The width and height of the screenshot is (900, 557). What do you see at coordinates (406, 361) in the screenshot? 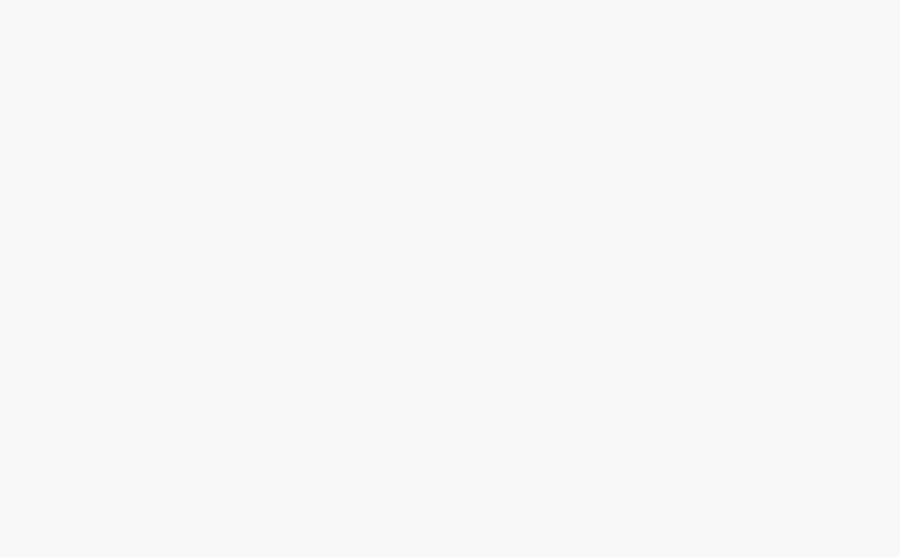
I see `'Christine Feehan'` at bounding box center [406, 361].